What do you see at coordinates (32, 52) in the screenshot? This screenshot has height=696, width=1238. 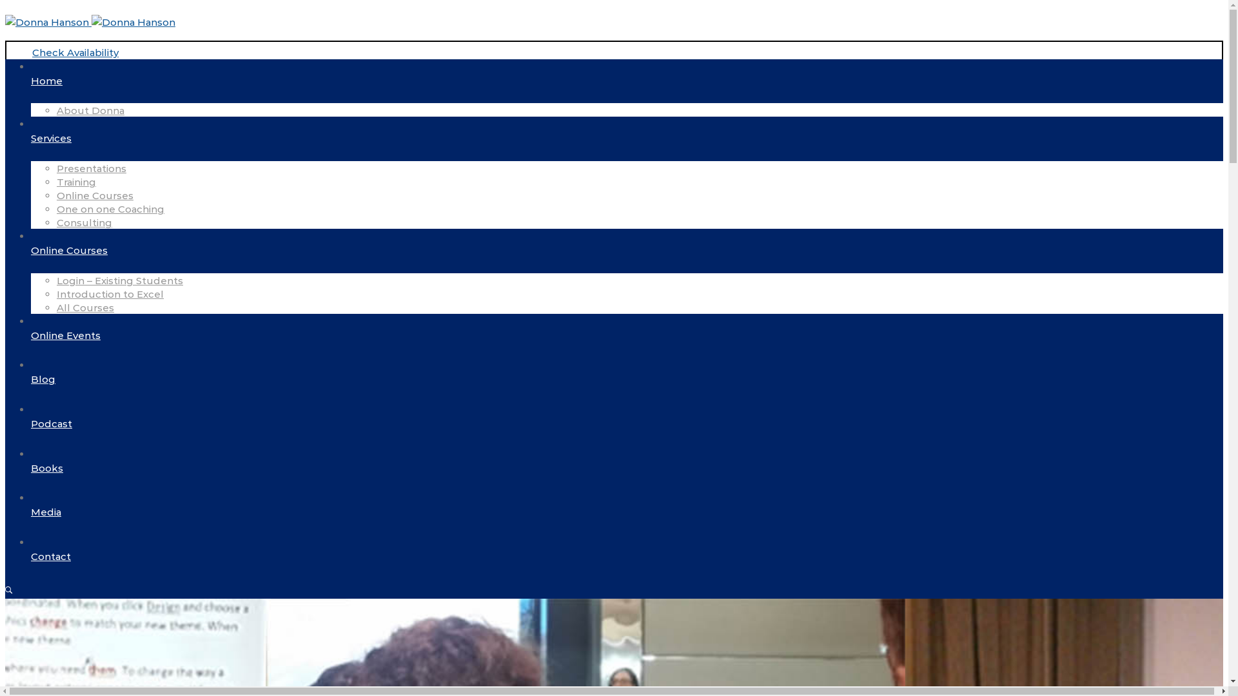 I see `'Check Availability'` at bounding box center [32, 52].